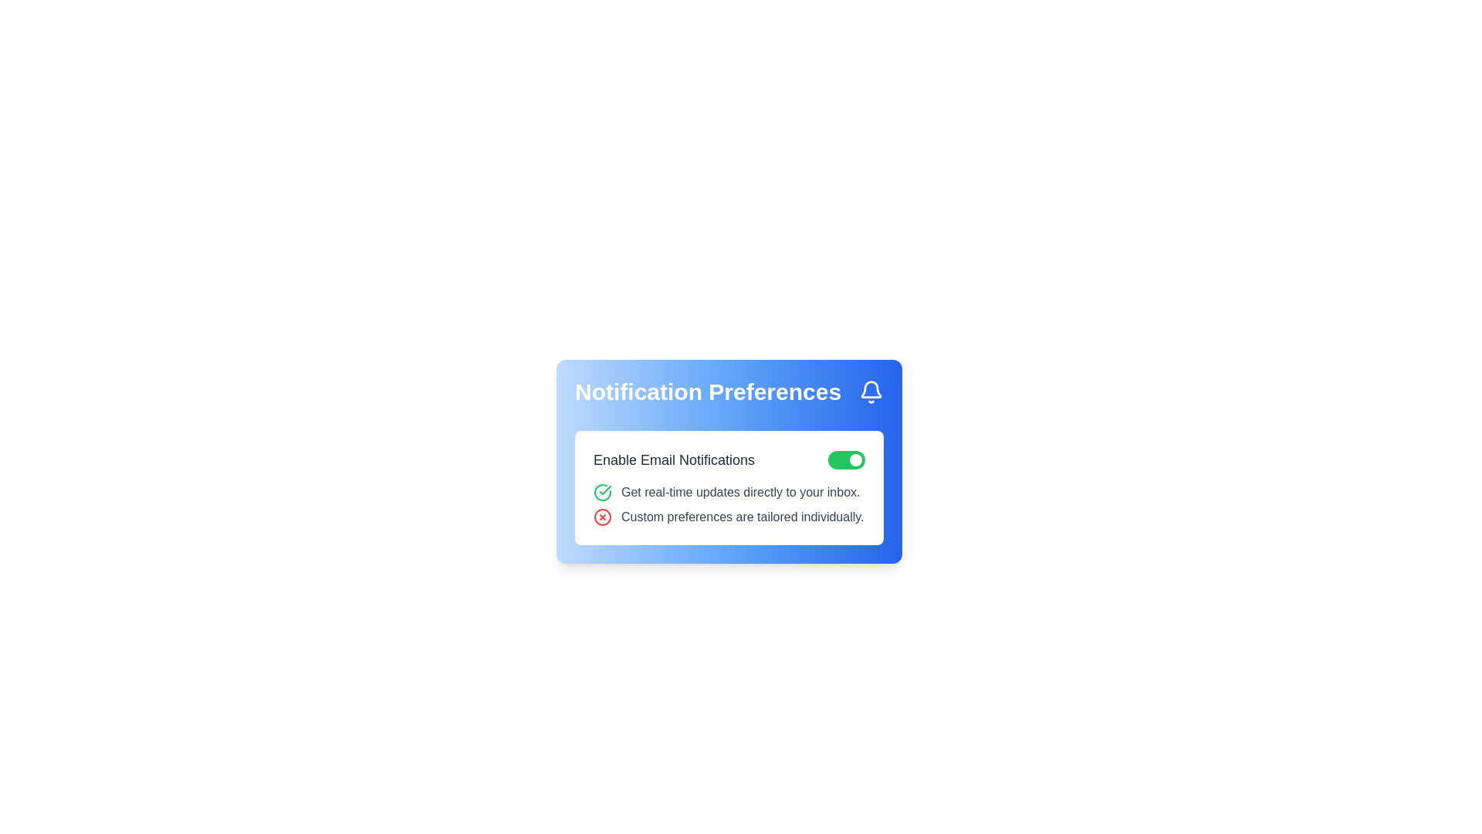  What do you see at coordinates (854, 459) in the screenshot?
I see `the circular toggle handle located on the rightmost side of the toggle switch in the 'Enable Email Notifications' section` at bounding box center [854, 459].